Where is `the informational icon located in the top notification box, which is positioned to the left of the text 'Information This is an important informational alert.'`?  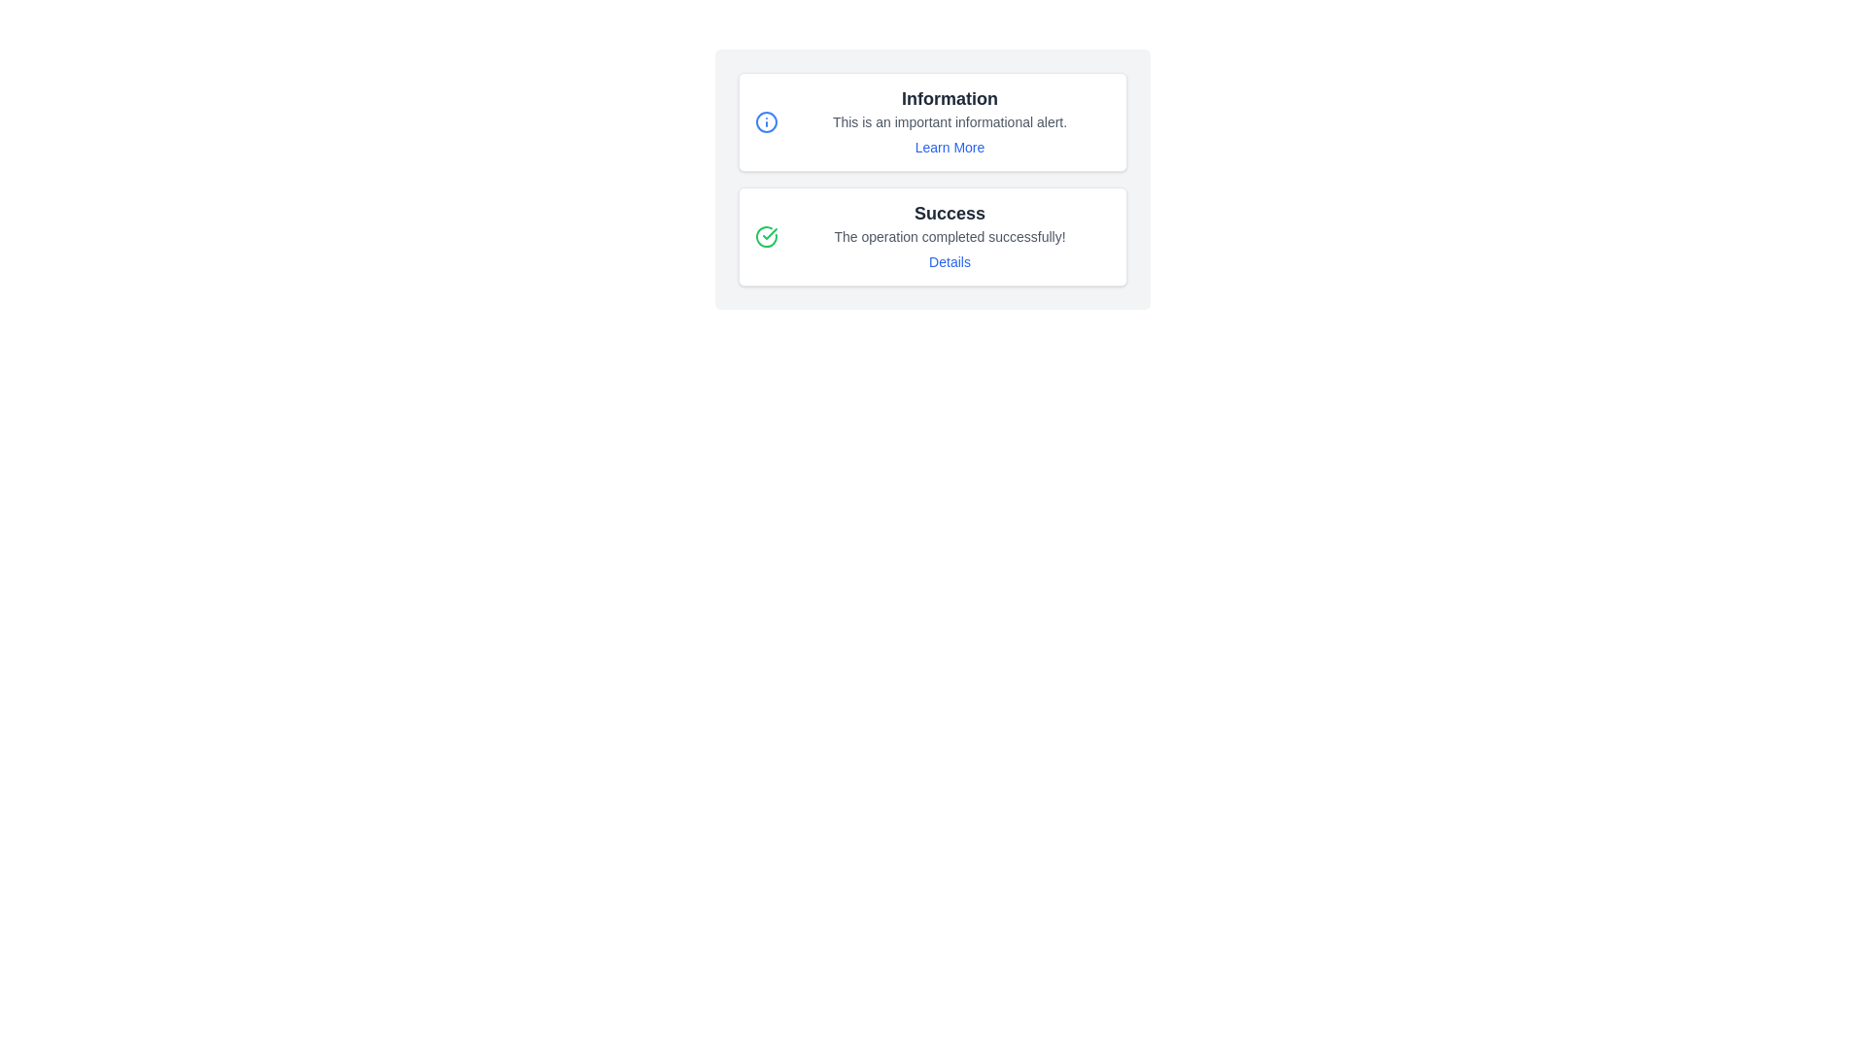
the informational icon located in the top notification box, which is positioned to the left of the text 'Information This is an important informational alert.' is located at coordinates (765, 122).